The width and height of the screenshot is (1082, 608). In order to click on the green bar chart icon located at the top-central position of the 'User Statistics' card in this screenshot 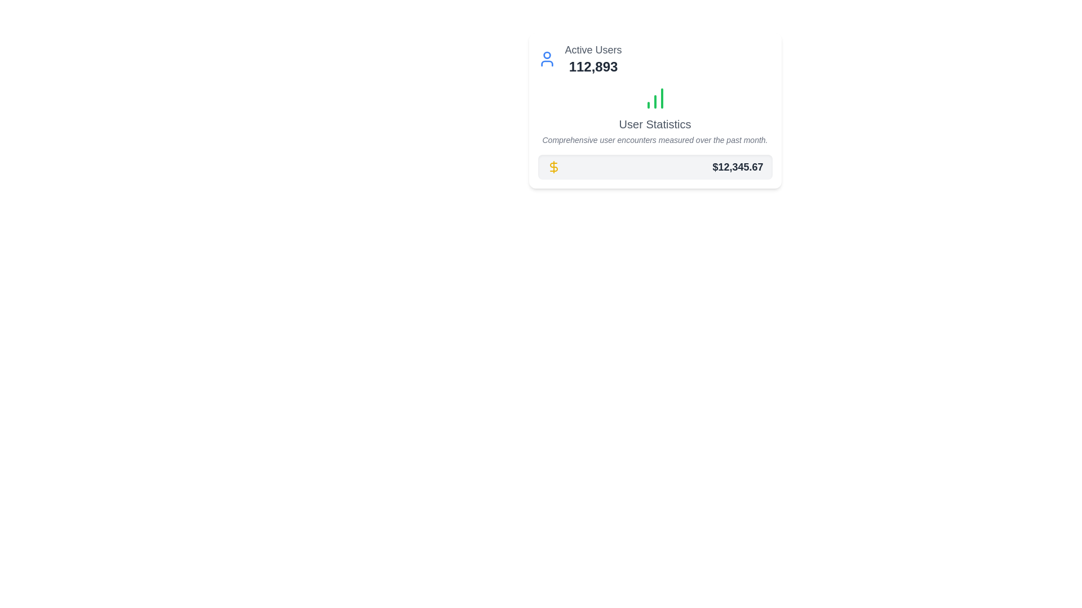, I will do `click(655, 97)`.